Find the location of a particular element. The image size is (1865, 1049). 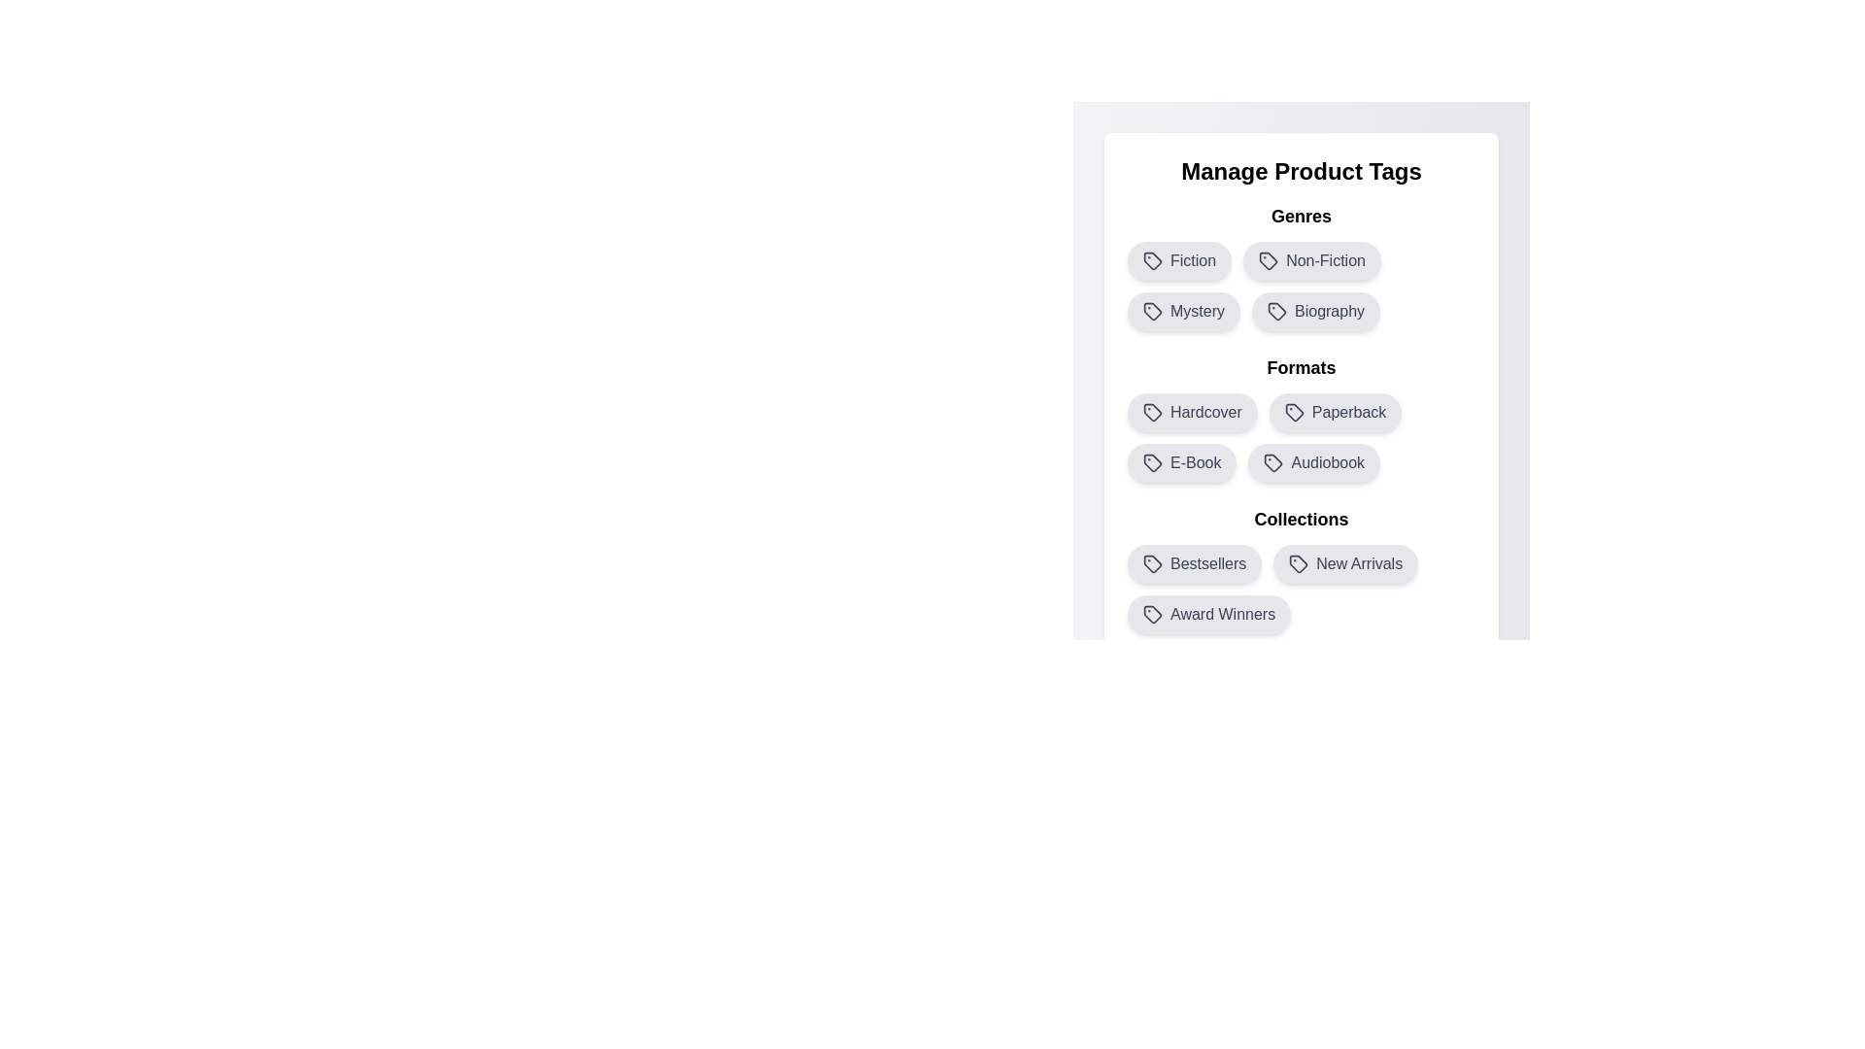

the 'Award Winners' button, which has rounded edges, a light gray background, and dark gray text, located under the 'Collections' section as the third button in the group is located at coordinates (1208, 614).